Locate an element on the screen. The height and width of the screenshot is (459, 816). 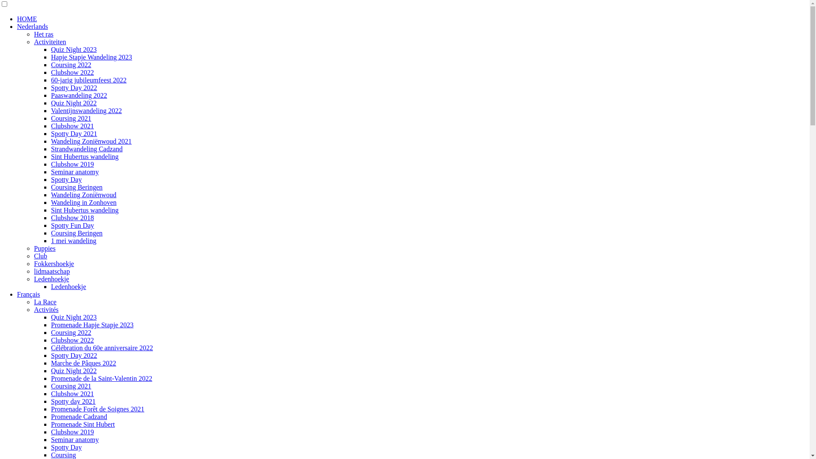
'Clubshow 2021' is located at coordinates (72, 126).